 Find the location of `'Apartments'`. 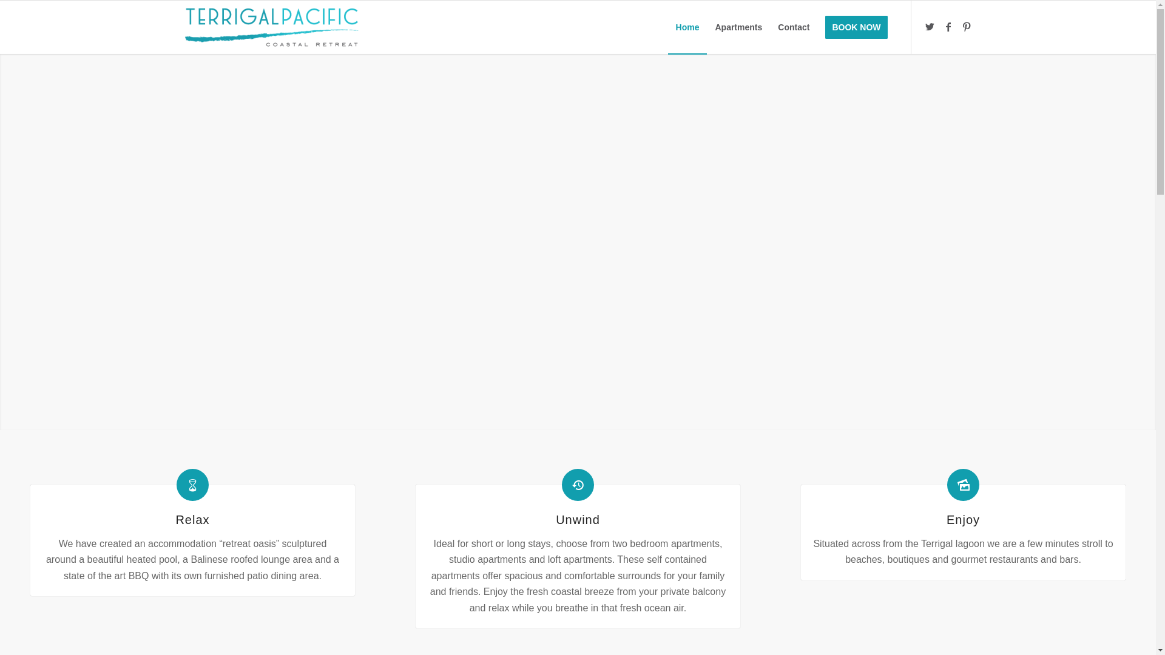

'Apartments' is located at coordinates (738, 27).